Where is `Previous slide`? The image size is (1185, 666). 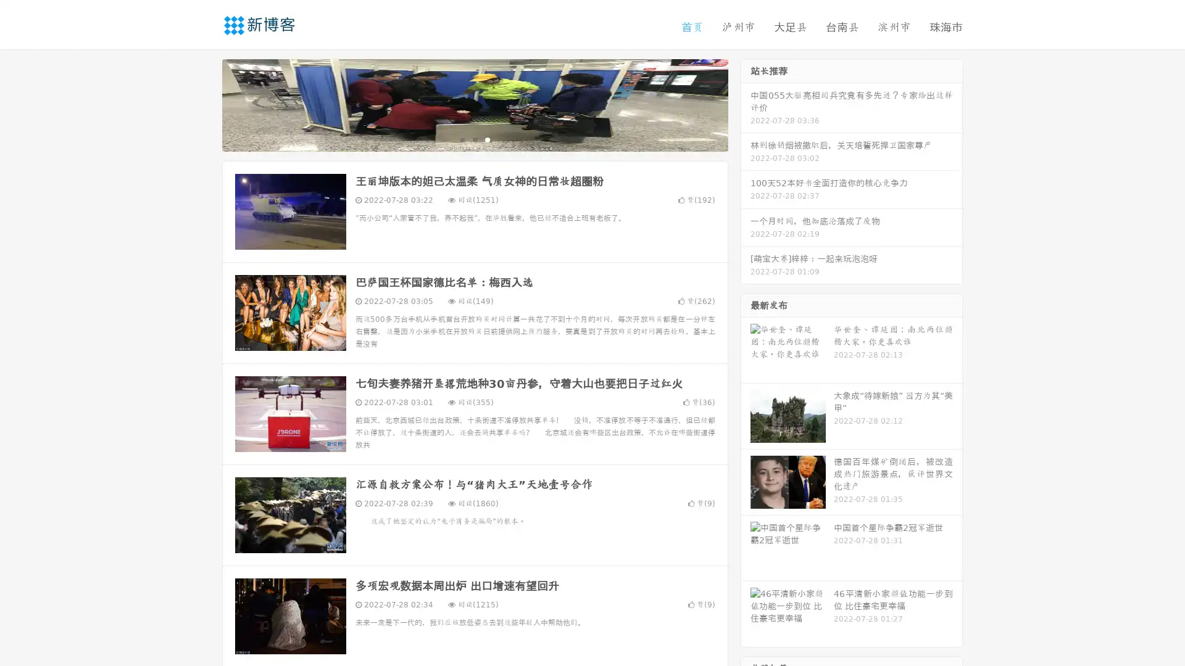
Previous slide is located at coordinates (204, 104).